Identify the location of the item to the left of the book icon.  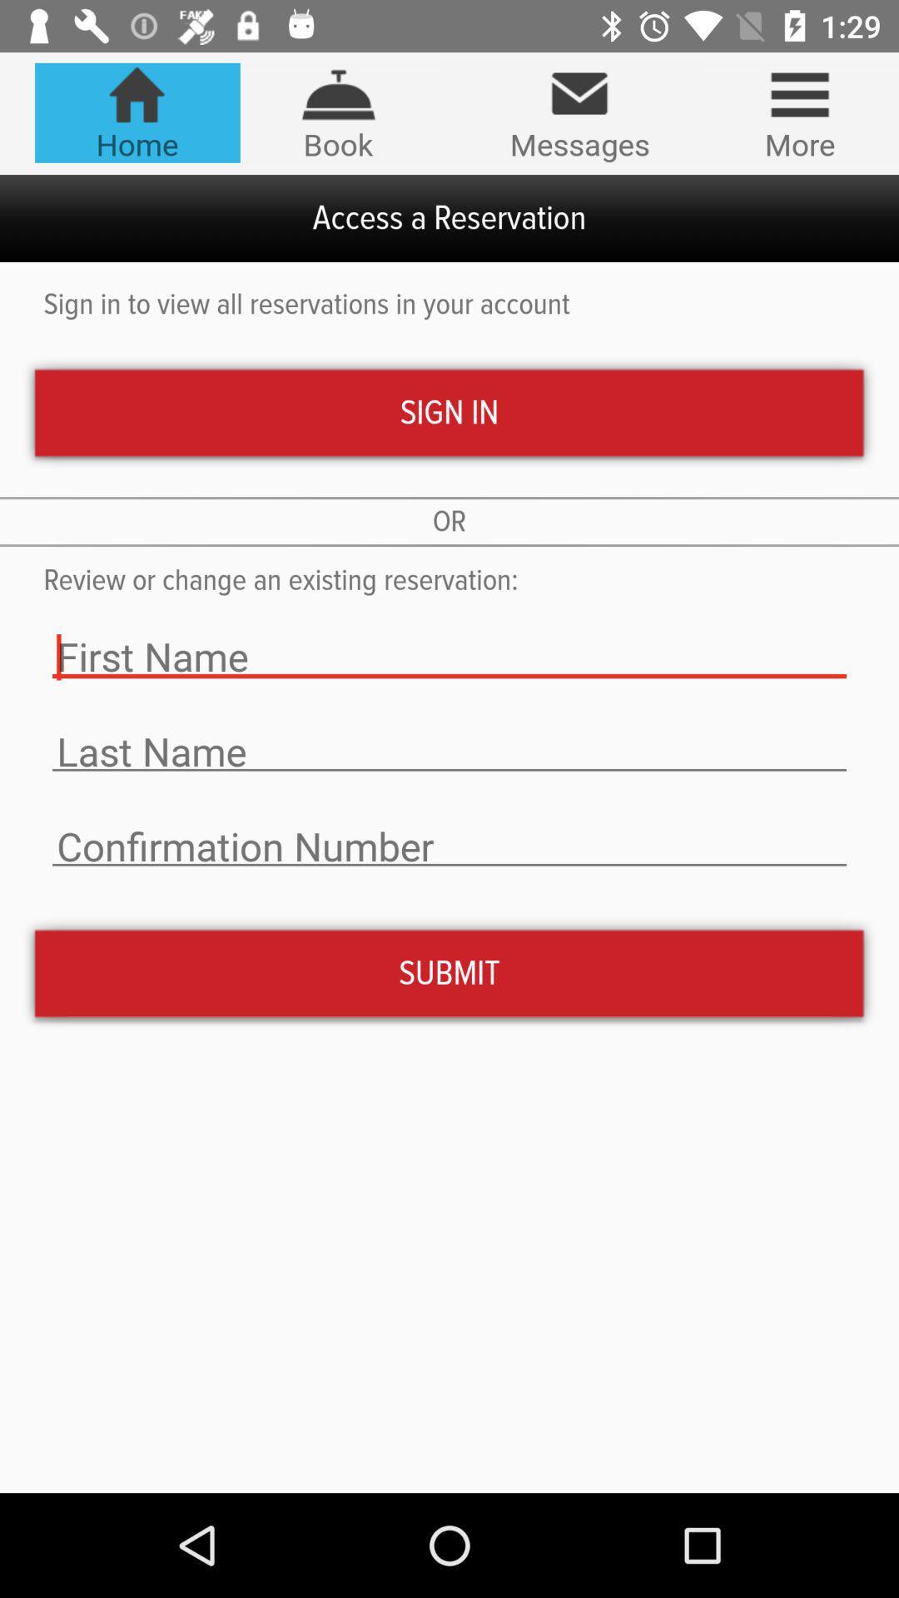
(137, 112).